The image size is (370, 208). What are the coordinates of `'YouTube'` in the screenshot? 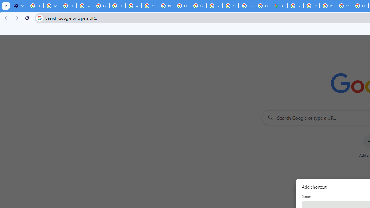 It's located at (133, 6).